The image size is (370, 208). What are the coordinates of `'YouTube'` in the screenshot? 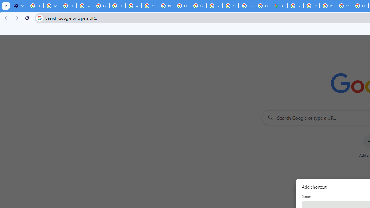 It's located at (133, 6).